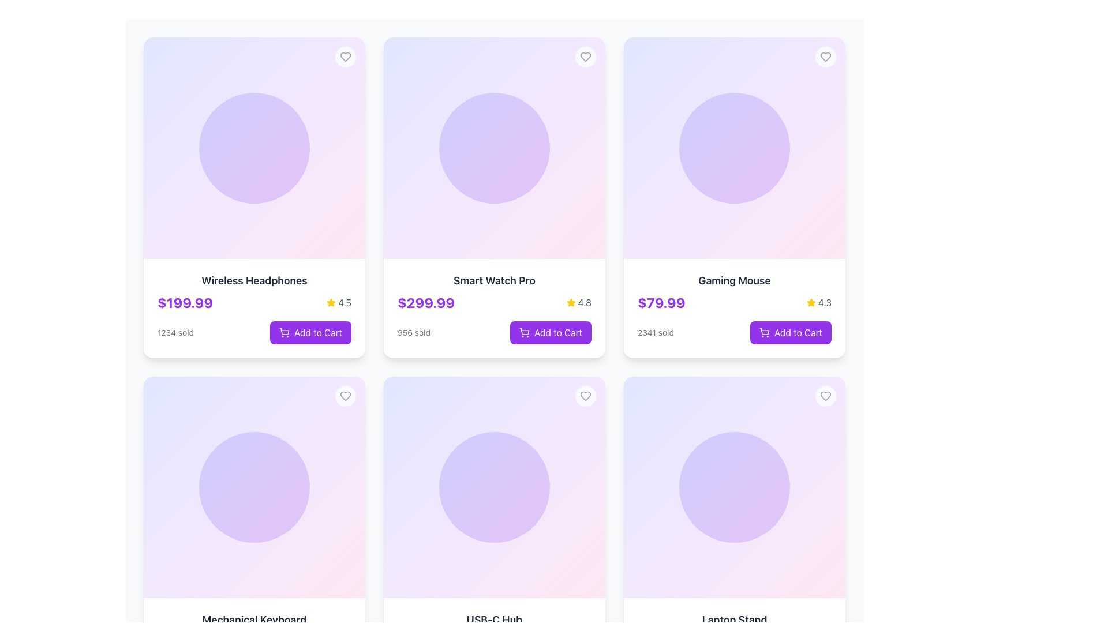  I want to click on the yellow star icon representing a rating symbol located next to the numeric rating value '4.5' in the rating section of a product card in the second column of the first row, so click(331, 302).